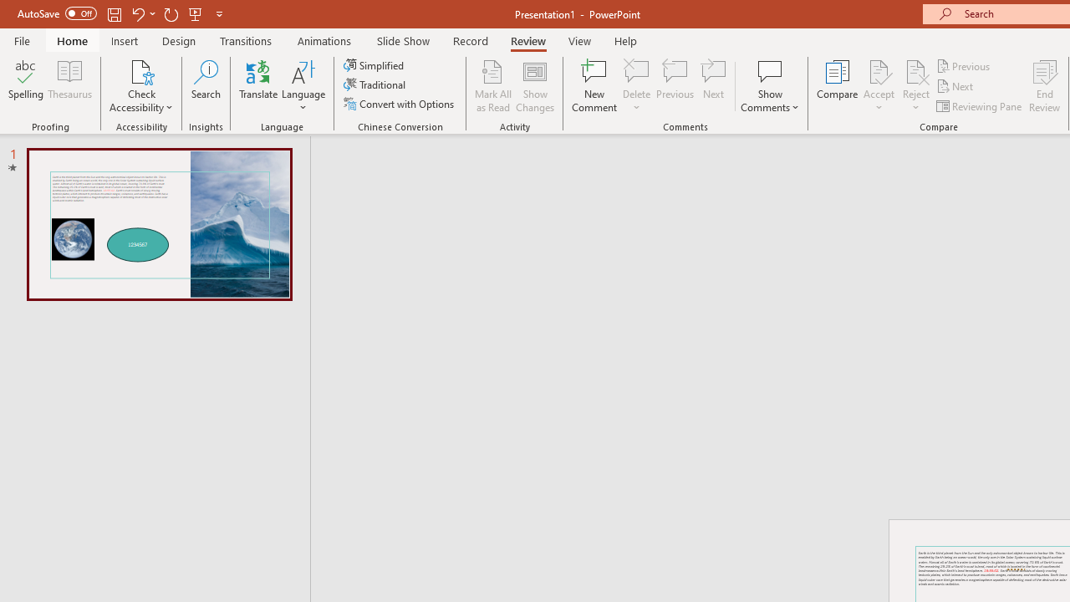 The image size is (1070, 602). Describe the element at coordinates (206, 86) in the screenshot. I see `'Search'` at that location.